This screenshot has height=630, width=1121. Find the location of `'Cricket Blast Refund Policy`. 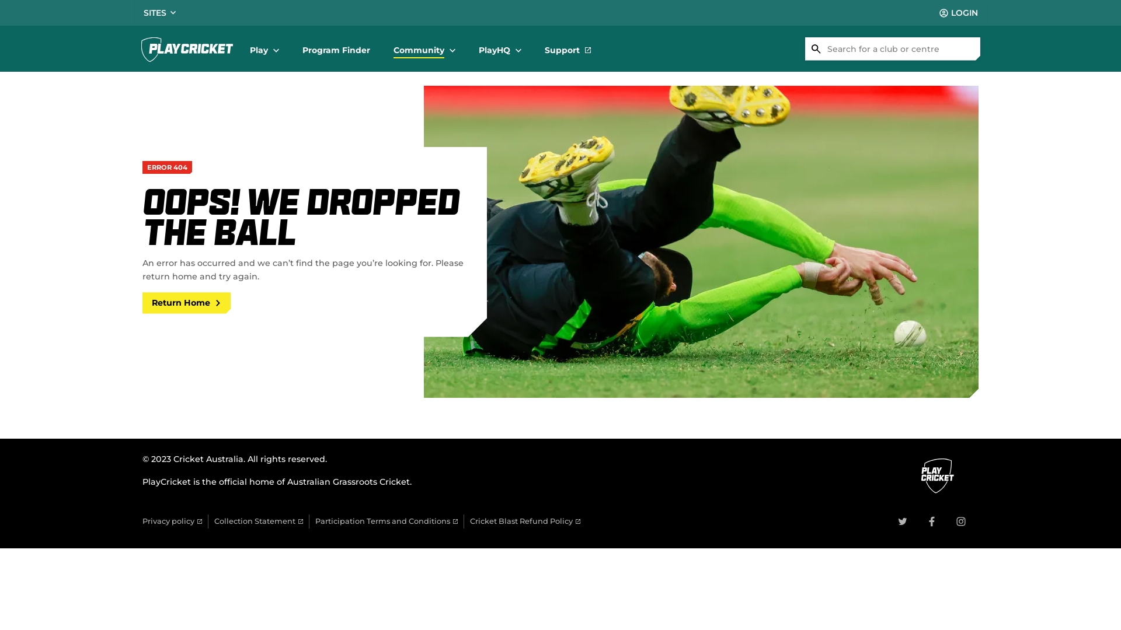

'Cricket Blast Refund Policy is located at coordinates (524, 521).